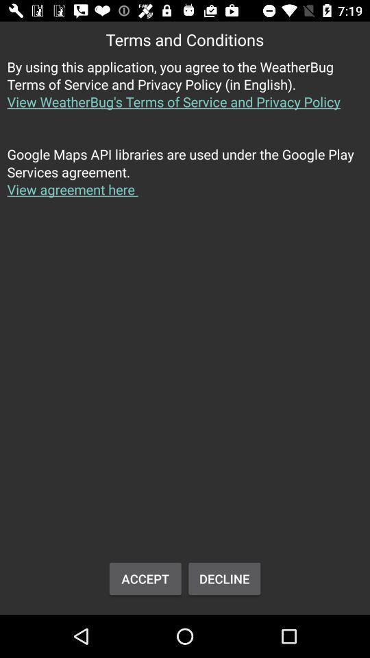 Image resolution: width=370 pixels, height=658 pixels. I want to click on icon above google maps api item, so click(185, 91).